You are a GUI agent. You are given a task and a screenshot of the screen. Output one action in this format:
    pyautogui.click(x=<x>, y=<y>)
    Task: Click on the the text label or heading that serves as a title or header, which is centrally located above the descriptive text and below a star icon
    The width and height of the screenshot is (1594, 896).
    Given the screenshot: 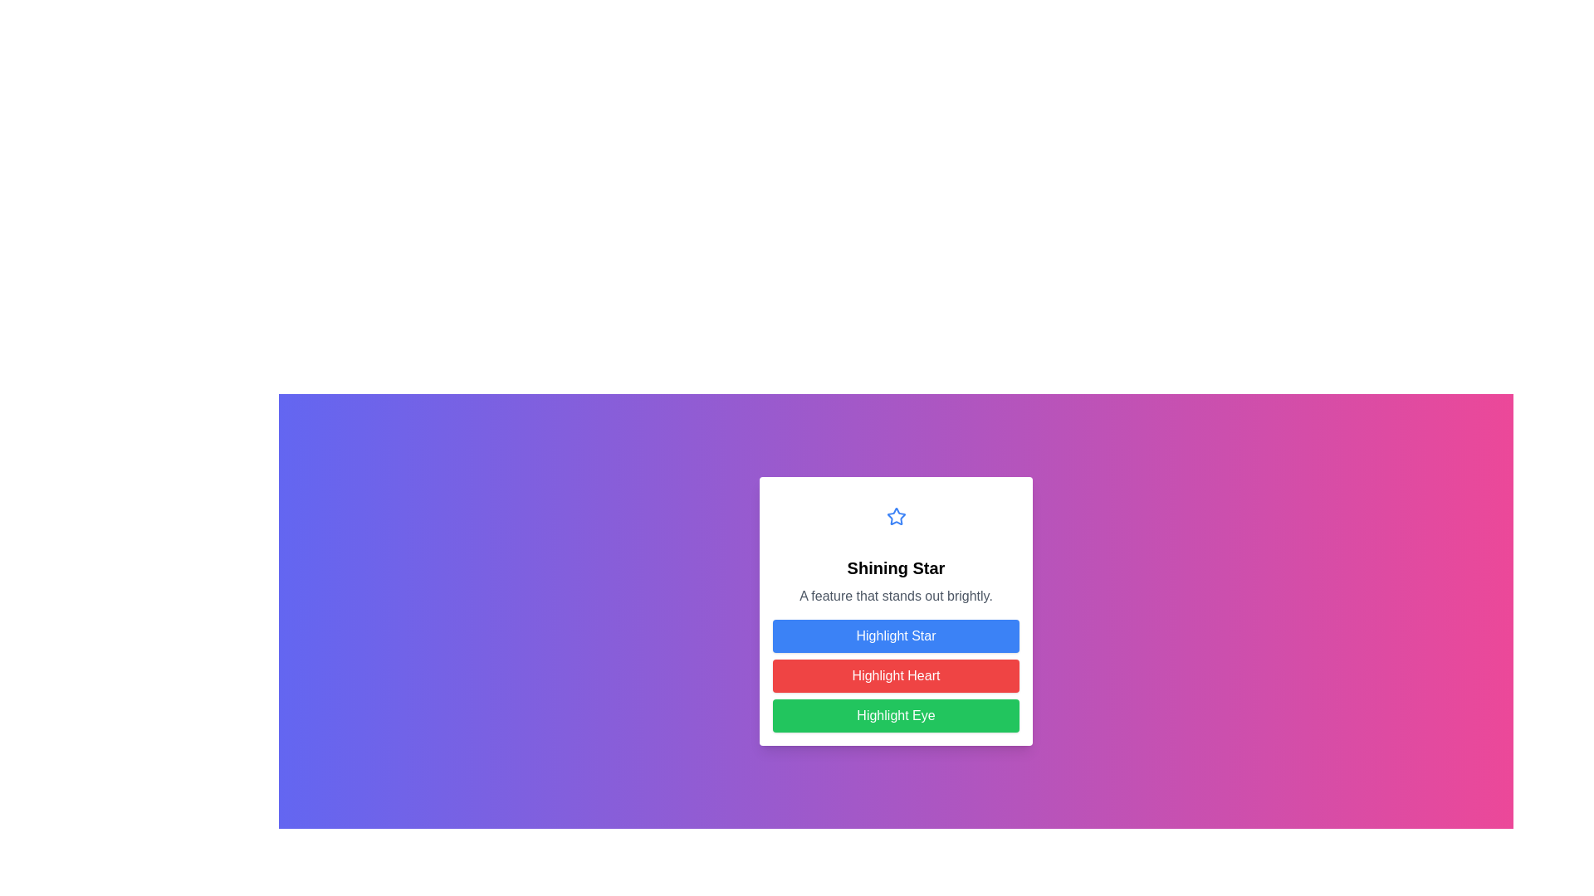 What is the action you would take?
    pyautogui.click(x=895, y=567)
    